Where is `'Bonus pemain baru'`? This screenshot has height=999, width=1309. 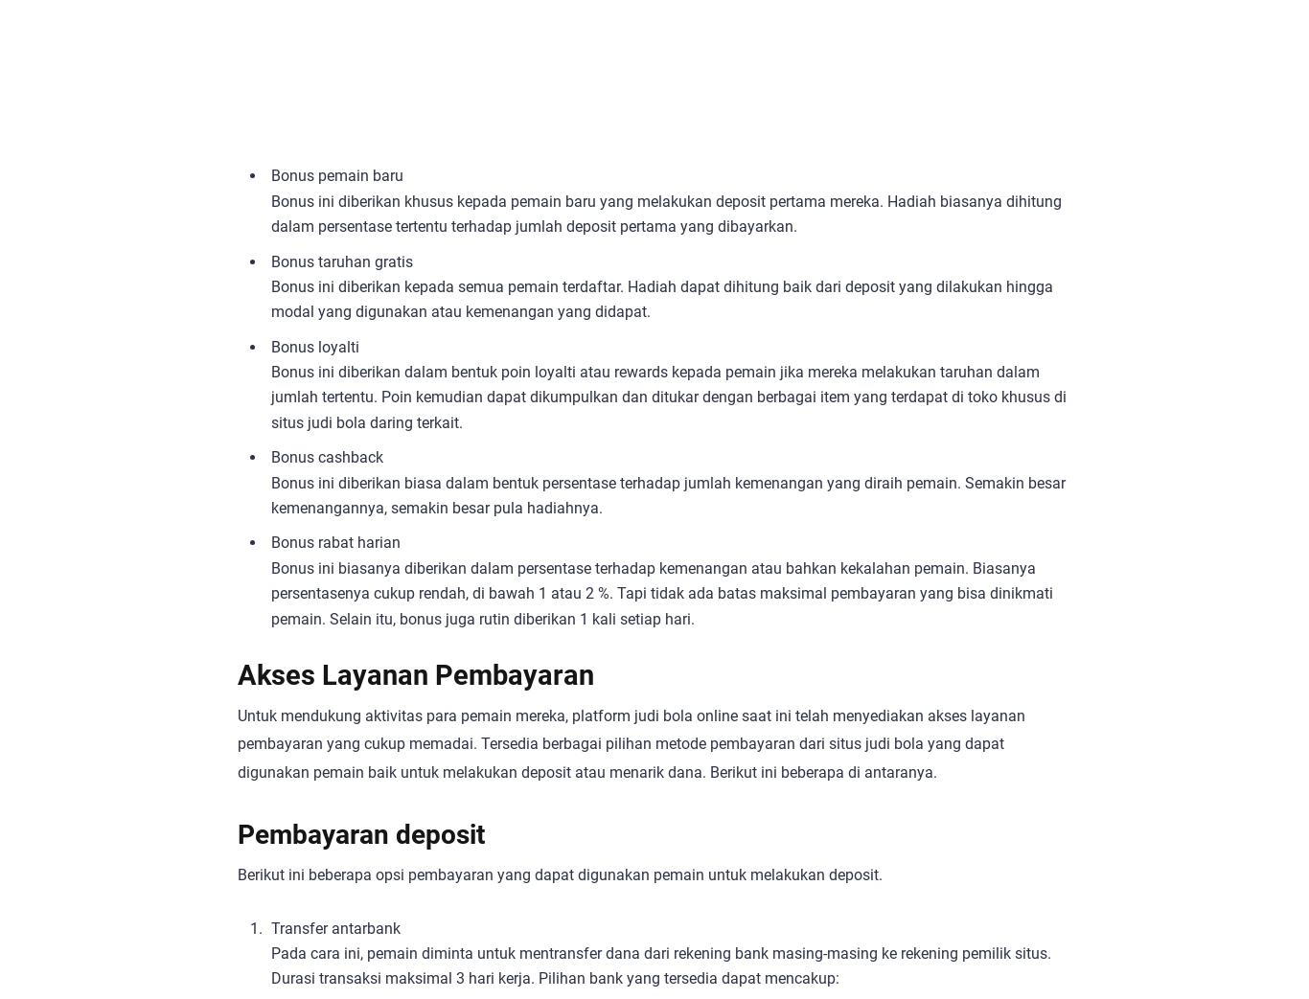 'Bonus pemain baru' is located at coordinates (336, 174).